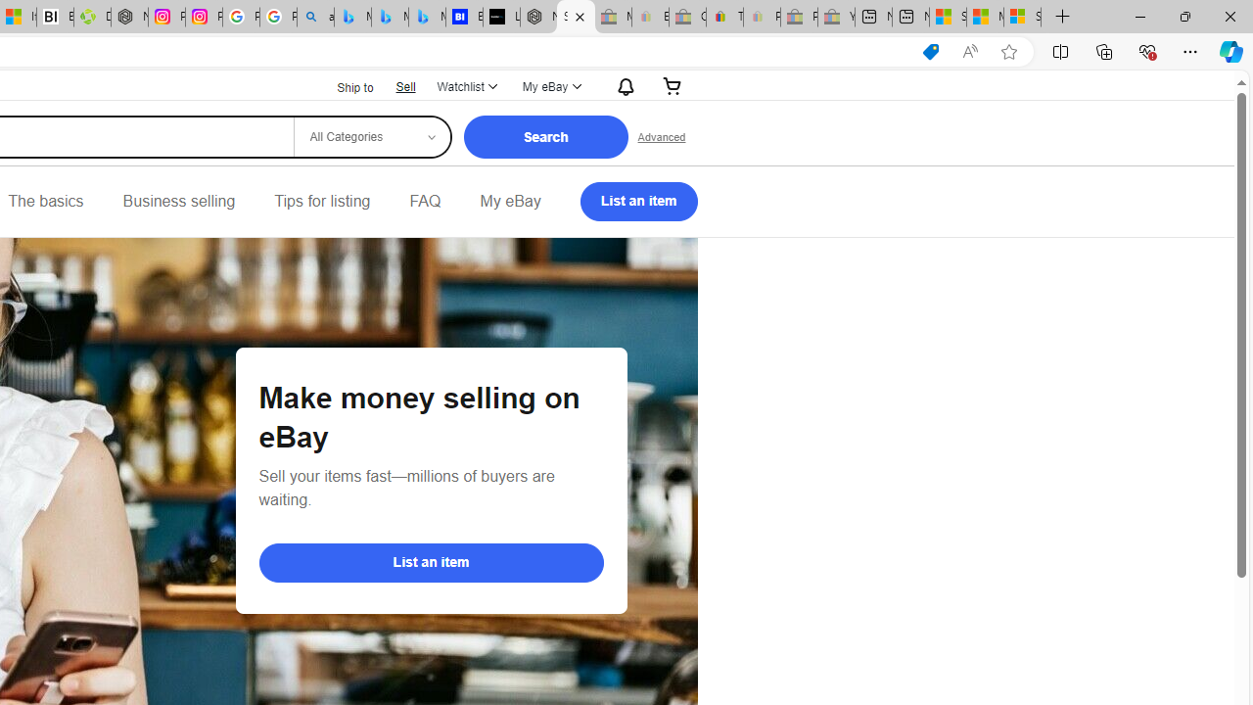 The height and width of the screenshot is (705, 1253). Describe the element at coordinates (510, 201) in the screenshot. I see `'My eBay'` at that location.